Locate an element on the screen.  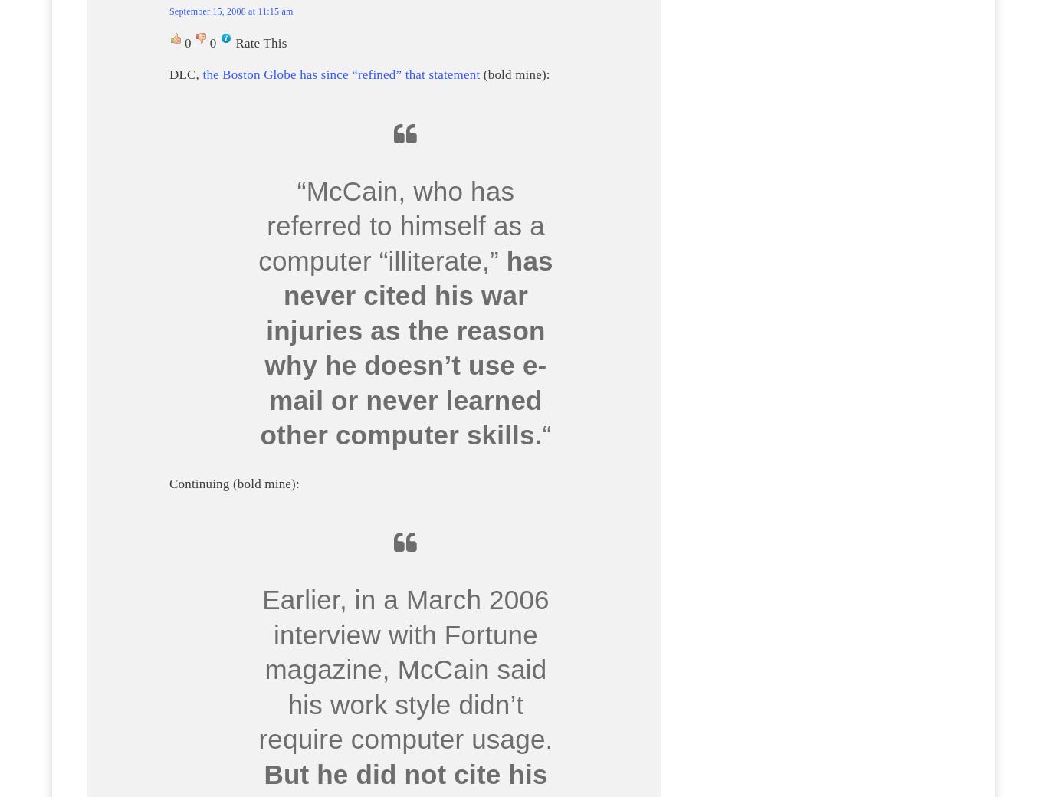
'(bold mine):' is located at coordinates (514, 74).